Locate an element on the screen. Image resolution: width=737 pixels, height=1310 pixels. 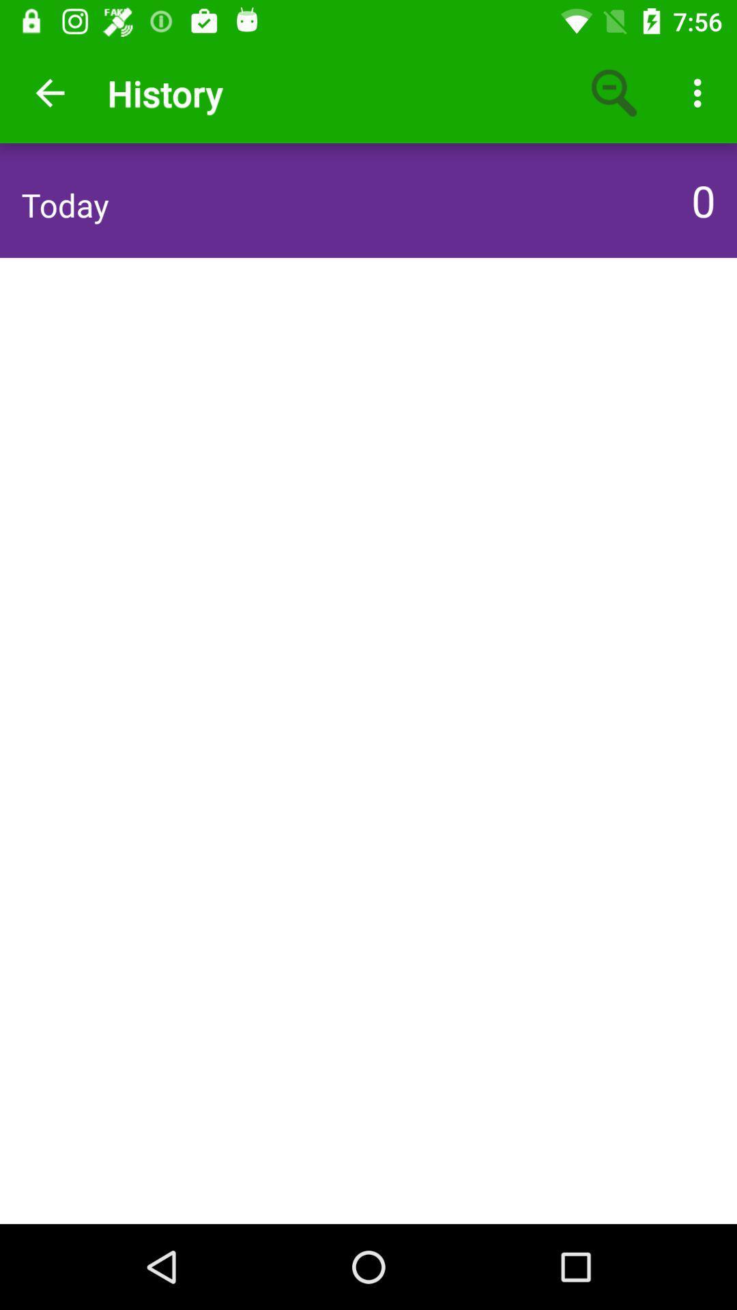
the icon to the left of 0 item is located at coordinates (65, 204).